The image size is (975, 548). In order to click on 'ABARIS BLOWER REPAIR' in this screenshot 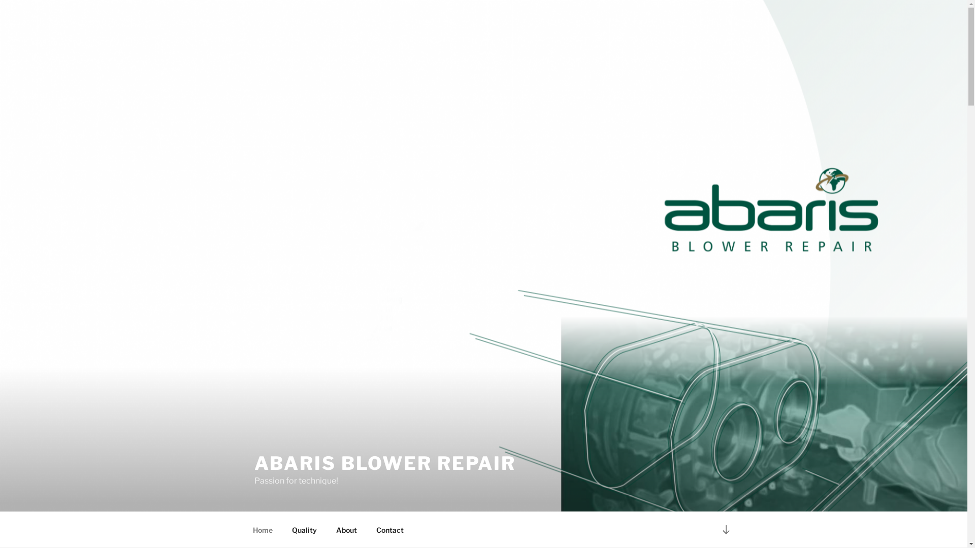, I will do `click(384, 463)`.